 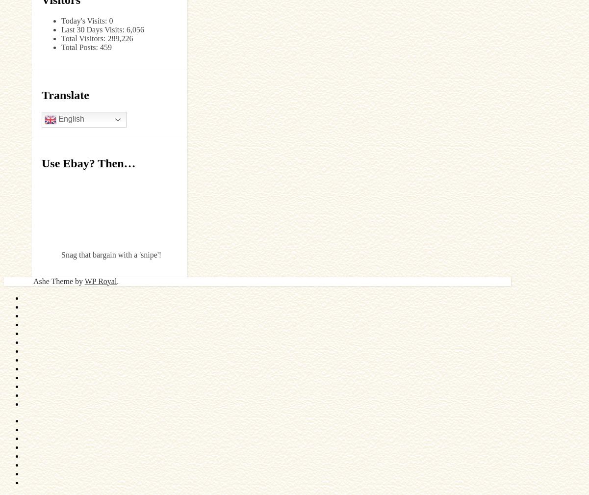 What do you see at coordinates (88, 162) in the screenshot?
I see `'Use Ebay? Then…'` at bounding box center [88, 162].